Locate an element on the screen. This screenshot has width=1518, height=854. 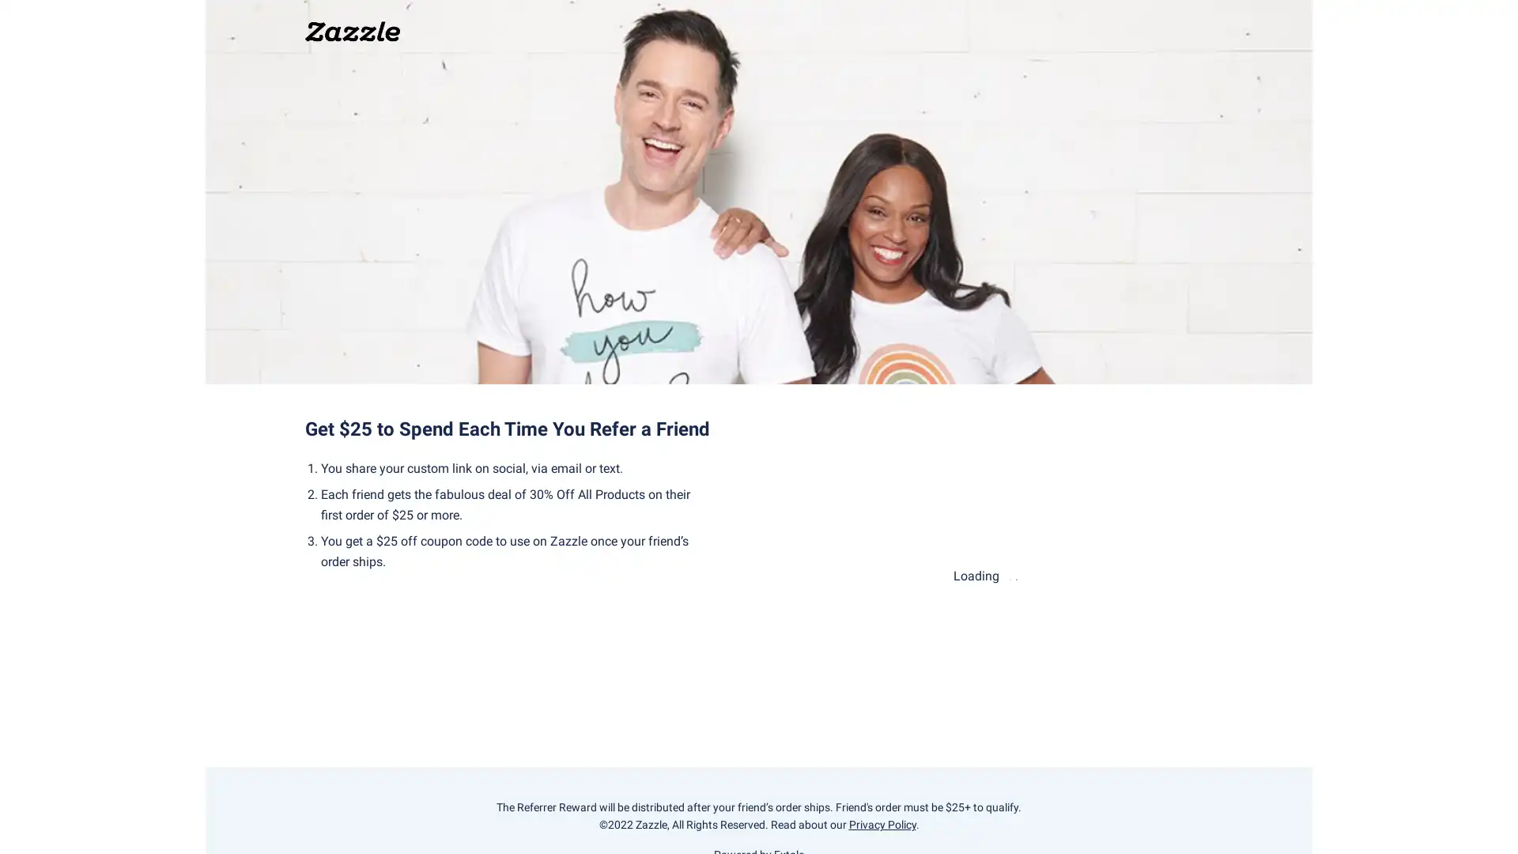
messenger is located at coordinates (873, 614).